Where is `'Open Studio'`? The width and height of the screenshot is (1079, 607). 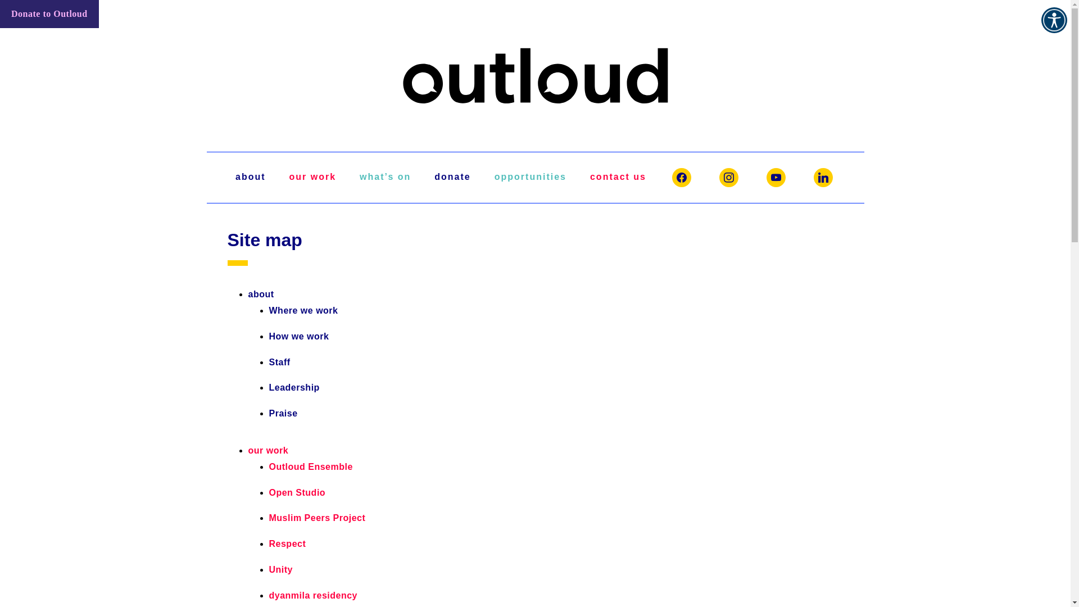 'Open Studio' is located at coordinates (297, 492).